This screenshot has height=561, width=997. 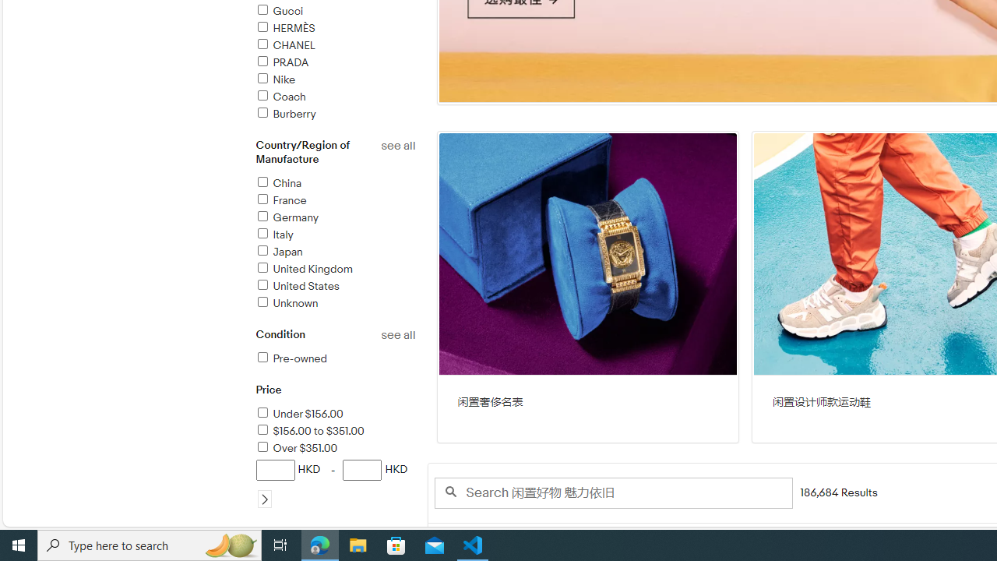 I want to click on 'Gucci', so click(x=279, y=11).